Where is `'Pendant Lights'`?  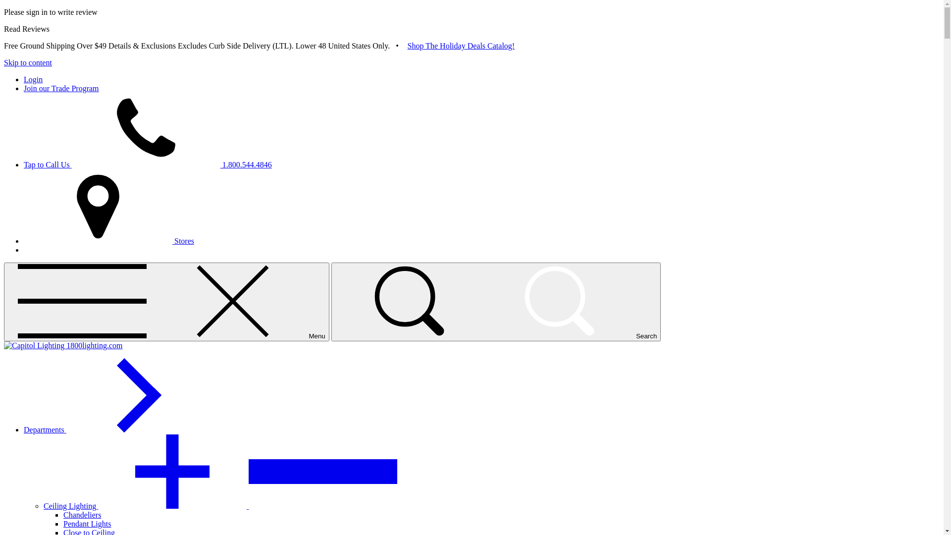 'Pendant Lights' is located at coordinates (87, 523).